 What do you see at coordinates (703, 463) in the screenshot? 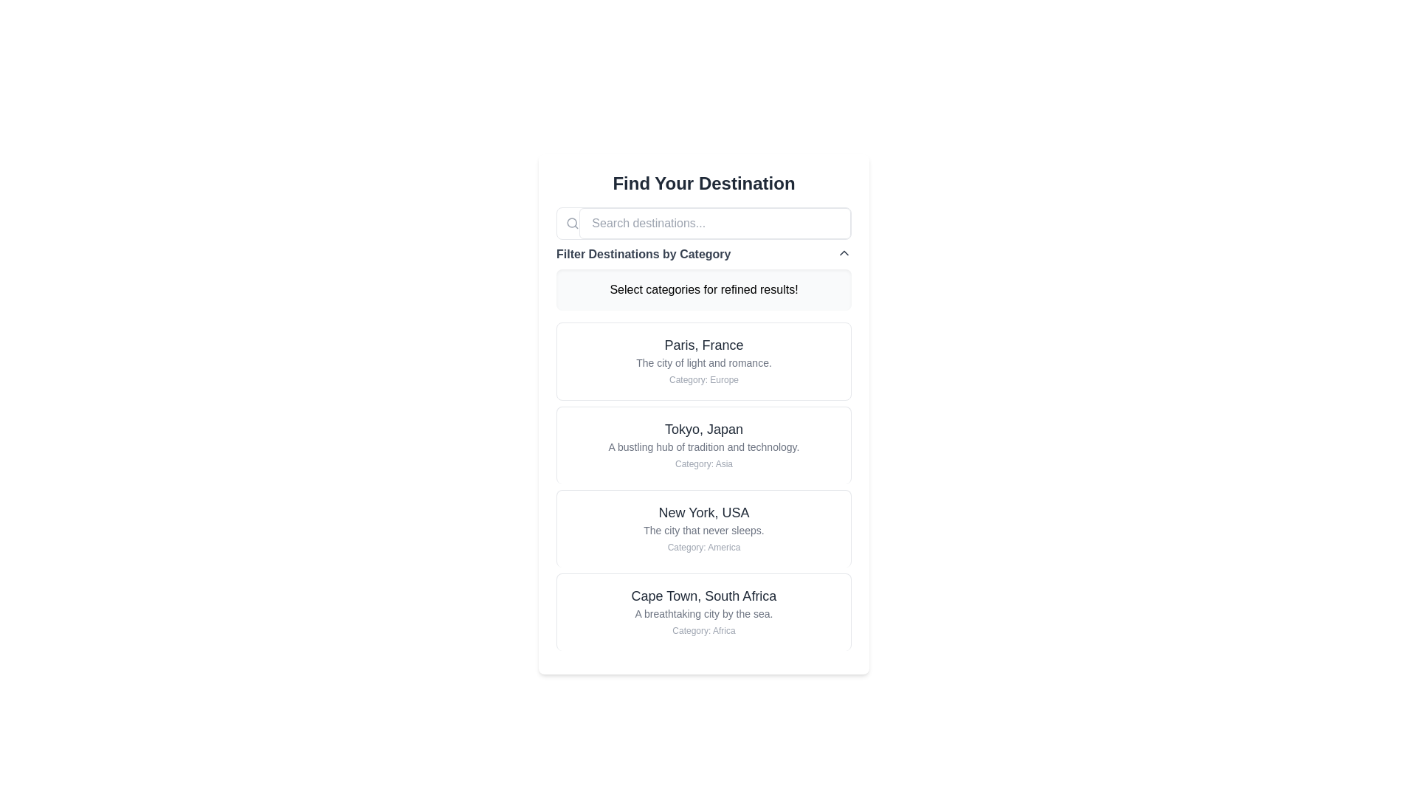
I see `the small text label displaying 'Category: Asia', which is styled with a light gray color and is located under the main heading 'Tokyo, Japan'` at bounding box center [703, 463].